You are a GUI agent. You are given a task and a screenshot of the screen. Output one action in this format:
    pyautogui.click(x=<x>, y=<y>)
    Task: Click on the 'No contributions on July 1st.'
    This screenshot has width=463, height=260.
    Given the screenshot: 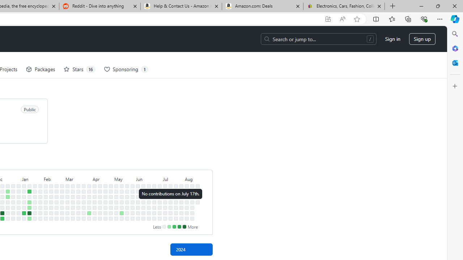 What is the action you would take?
    pyautogui.click(x=159, y=191)
    